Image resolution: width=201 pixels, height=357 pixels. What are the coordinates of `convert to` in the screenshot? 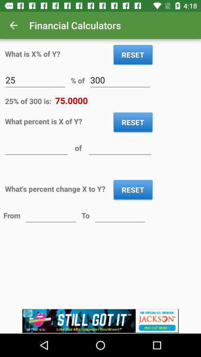 It's located at (120, 215).